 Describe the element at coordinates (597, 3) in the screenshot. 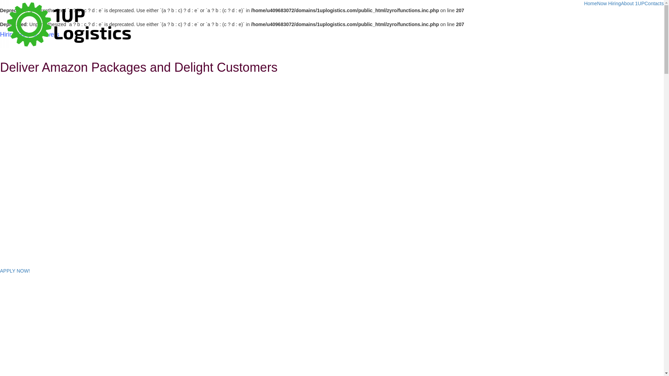

I see `'Now Hiring'` at that location.